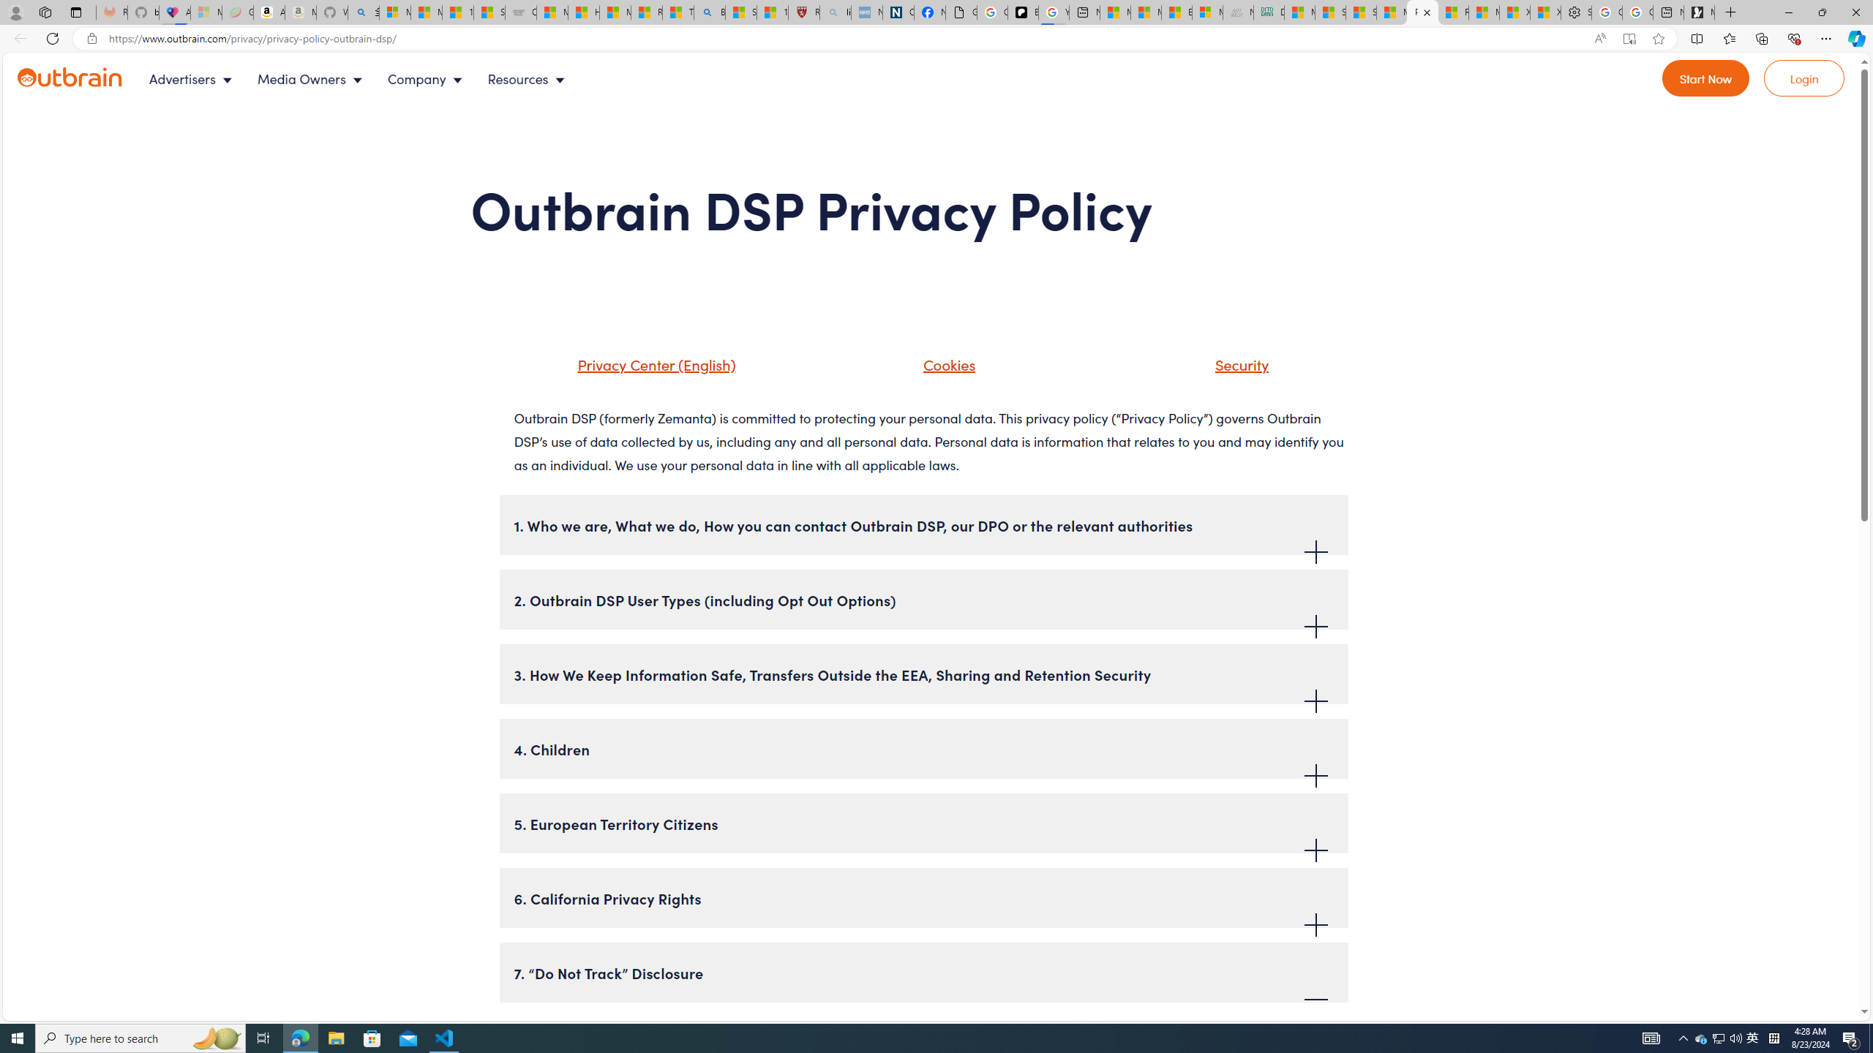 This screenshot has width=1873, height=1053. Describe the element at coordinates (647, 12) in the screenshot. I see `'Recipes - MSN'` at that location.